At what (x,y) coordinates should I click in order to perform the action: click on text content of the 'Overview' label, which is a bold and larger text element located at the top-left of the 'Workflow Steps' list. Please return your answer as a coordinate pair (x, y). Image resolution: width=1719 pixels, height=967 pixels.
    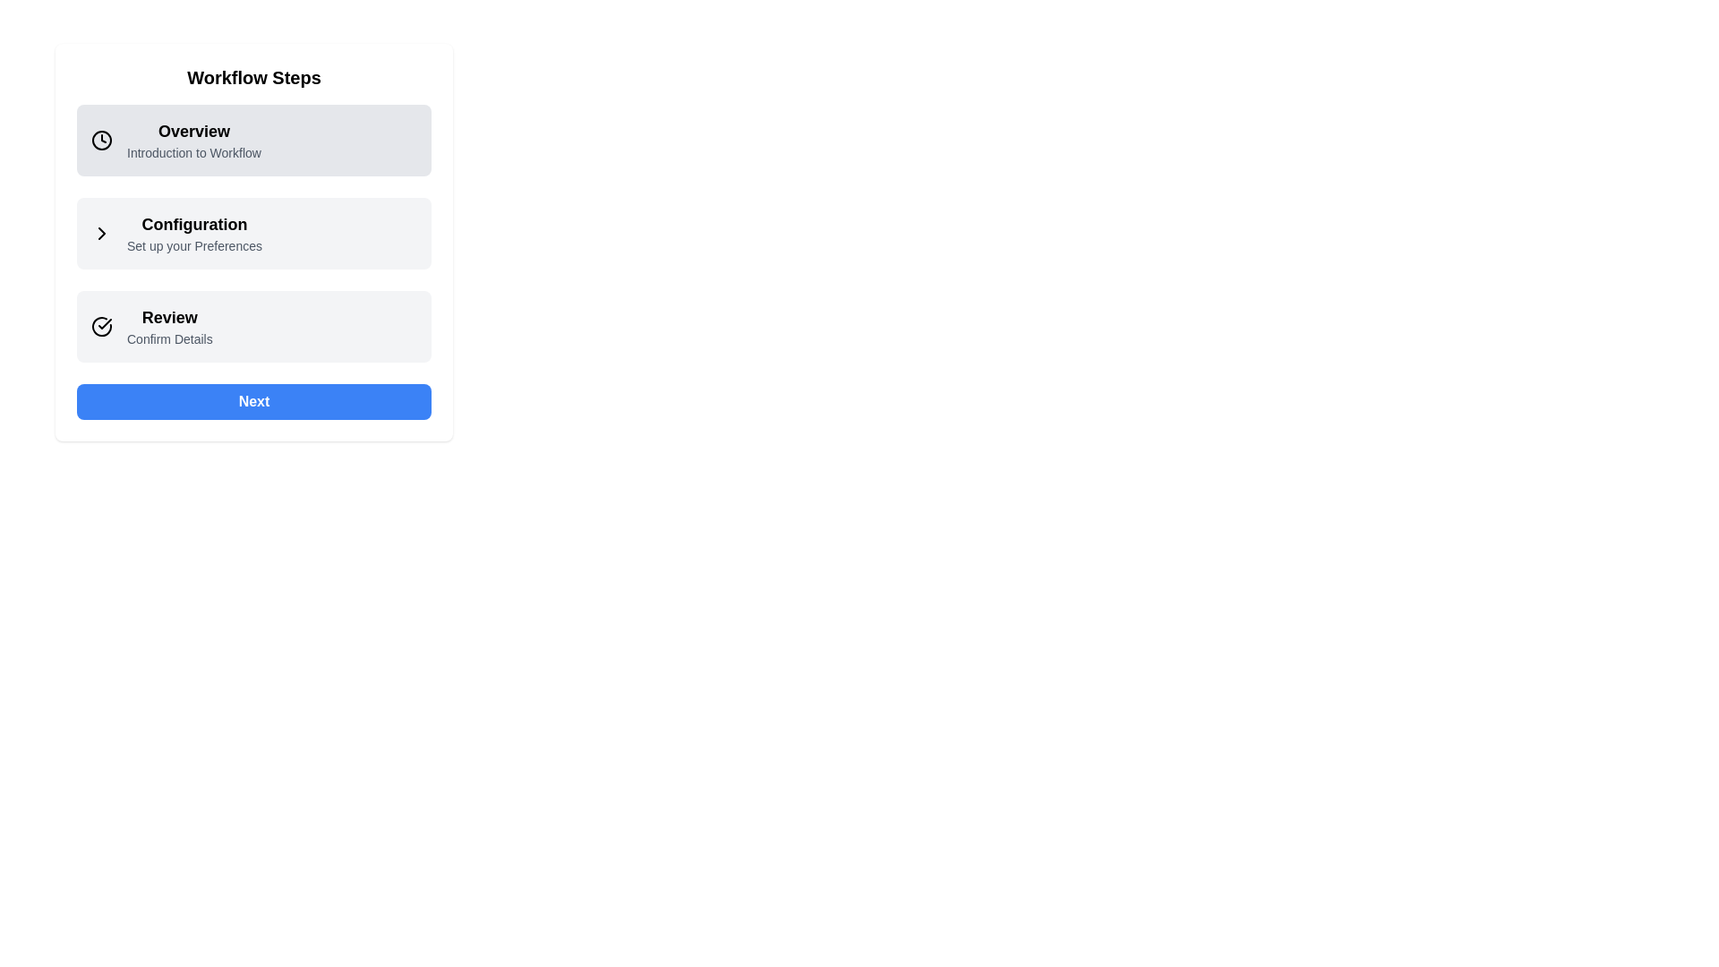
    Looking at the image, I should click on (193, 130).